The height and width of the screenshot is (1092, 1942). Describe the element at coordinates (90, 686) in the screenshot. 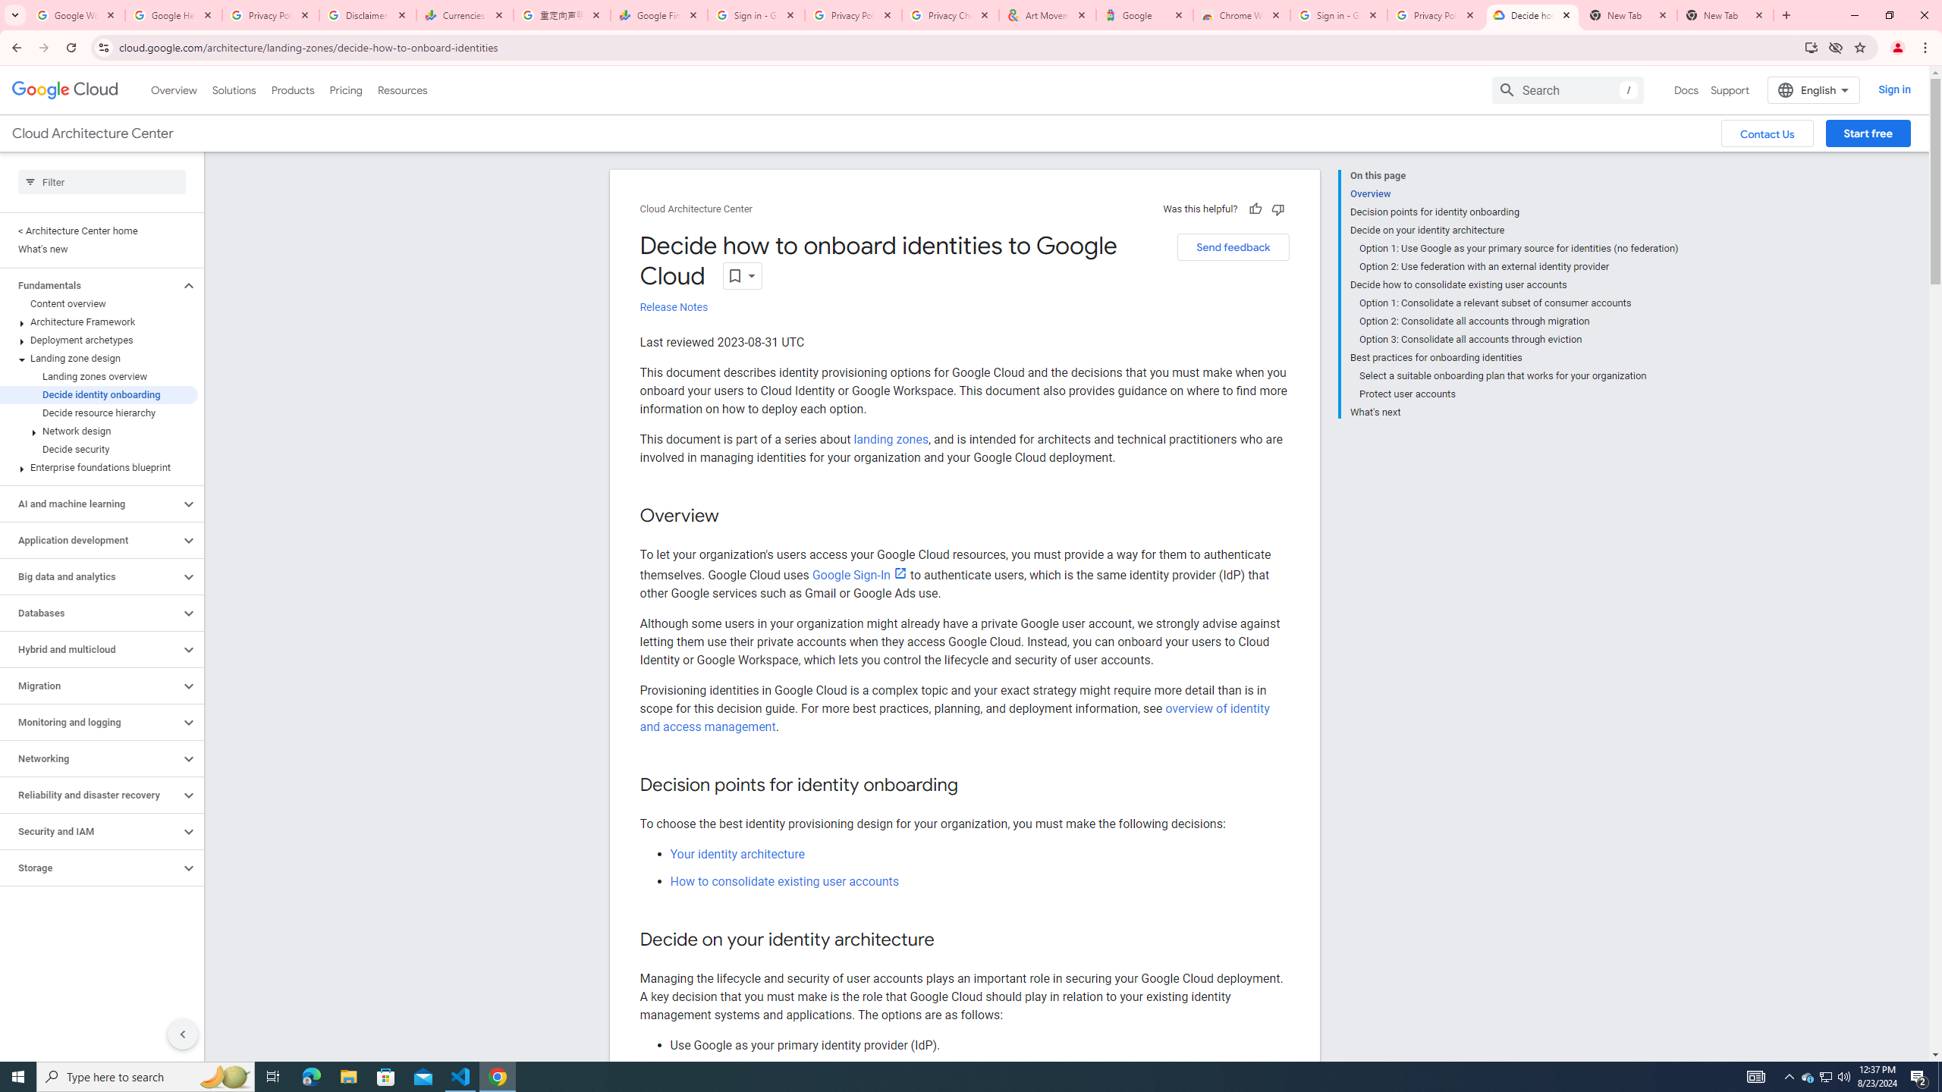

I see `'Migration'` at that location.